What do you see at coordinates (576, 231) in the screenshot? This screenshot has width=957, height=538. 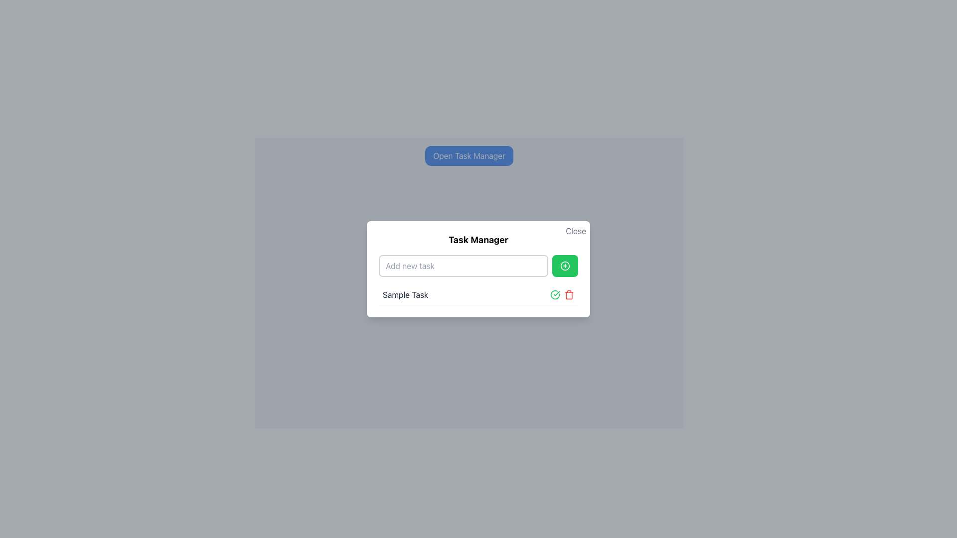 I see `the close button located in the top-right corner of the modal dialog` at bounding box center [576, 231].